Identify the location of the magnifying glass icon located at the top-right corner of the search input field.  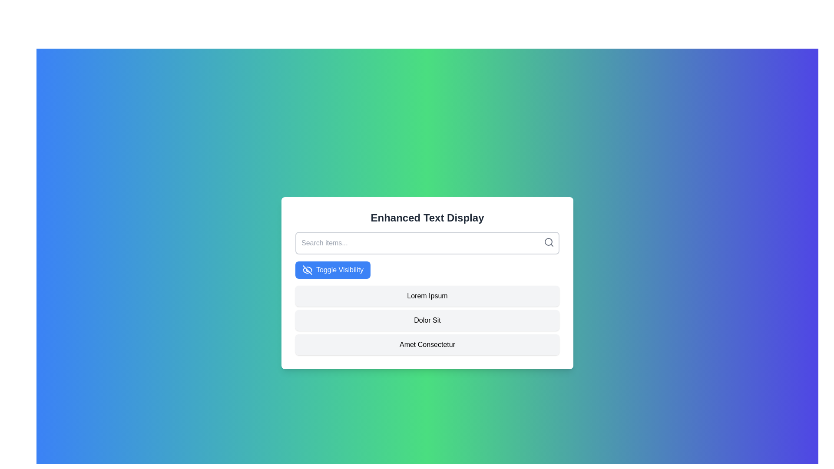
(548, 242).